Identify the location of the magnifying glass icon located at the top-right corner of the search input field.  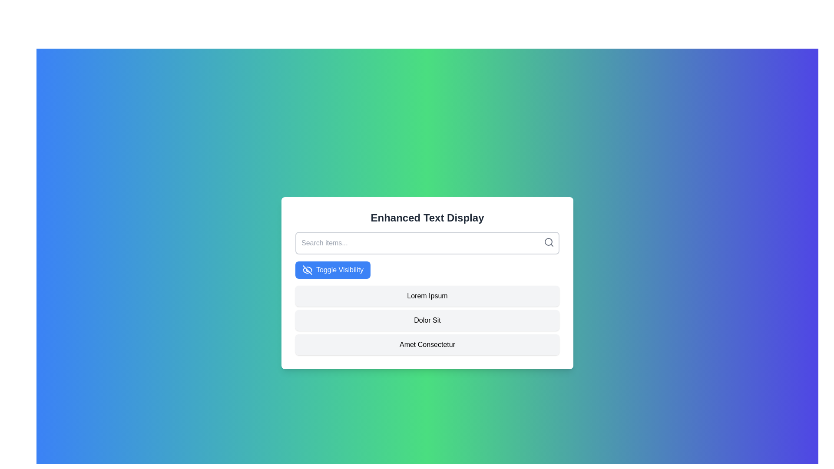
(548, 242).